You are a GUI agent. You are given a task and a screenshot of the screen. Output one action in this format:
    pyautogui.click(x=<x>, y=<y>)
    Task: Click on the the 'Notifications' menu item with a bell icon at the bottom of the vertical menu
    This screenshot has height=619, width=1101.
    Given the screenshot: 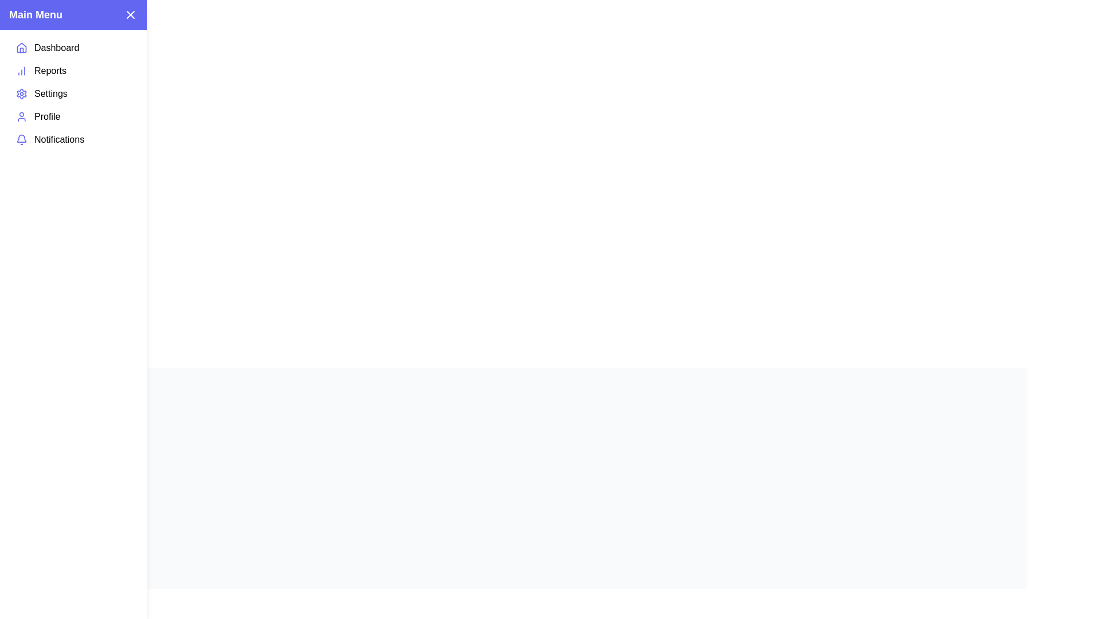 What is the action you would take?
    pyautogui.click(x=73, y=139)
    